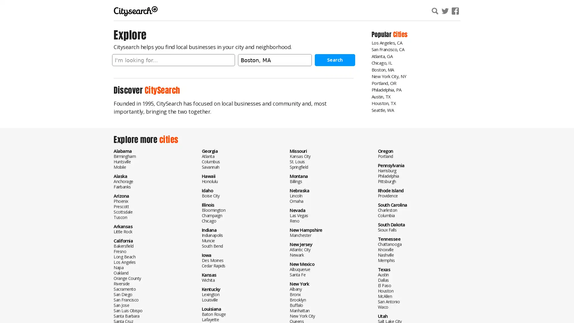 This screenshot has width=574, height=323. Describe the element at coordinates (334, 60) in the screenshot. I see `Search` at that location.